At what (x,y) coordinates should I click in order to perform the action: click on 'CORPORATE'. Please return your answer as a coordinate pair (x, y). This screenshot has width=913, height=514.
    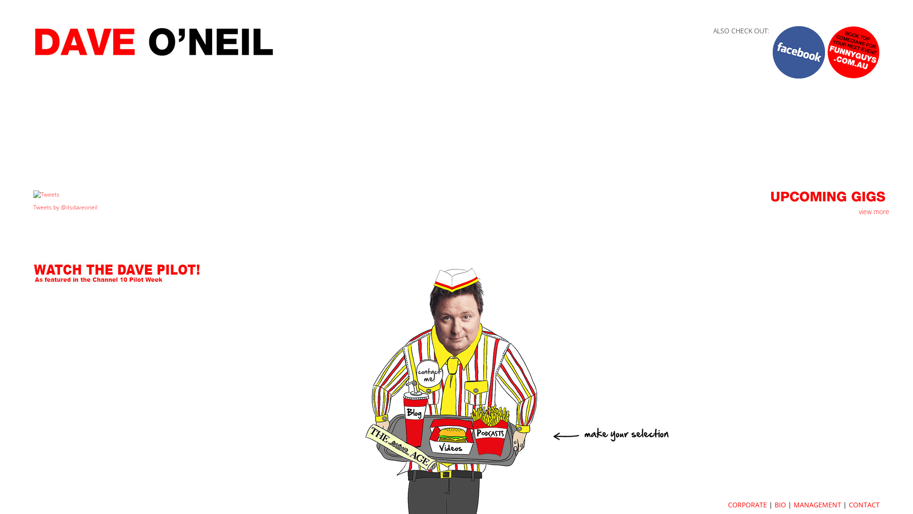
    Looking at the image, I should click on (747, 504).